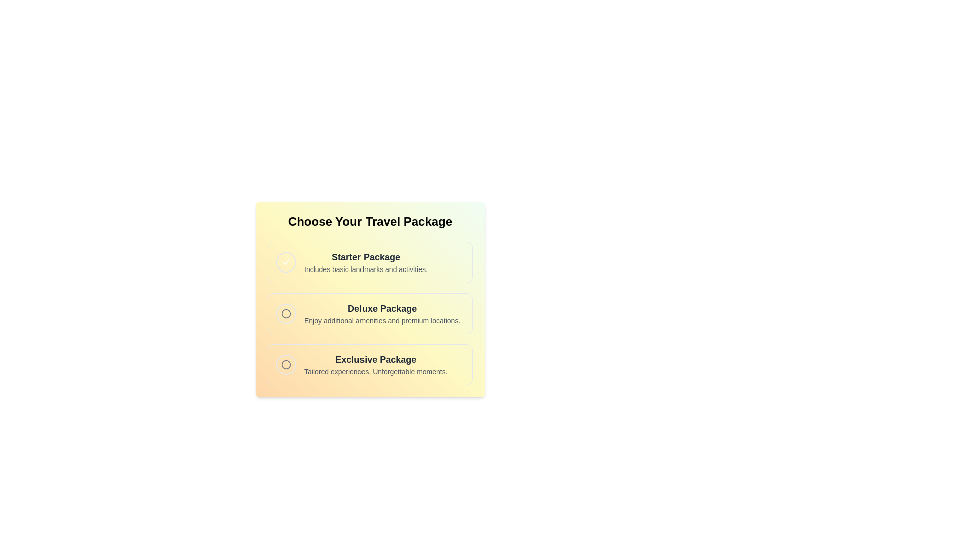 The image size is (964, 542). What do you see at coordinates (286, 364) in the screenshot?
I see `the circular radio button with a gray icon` at bounding box center [286, 364].